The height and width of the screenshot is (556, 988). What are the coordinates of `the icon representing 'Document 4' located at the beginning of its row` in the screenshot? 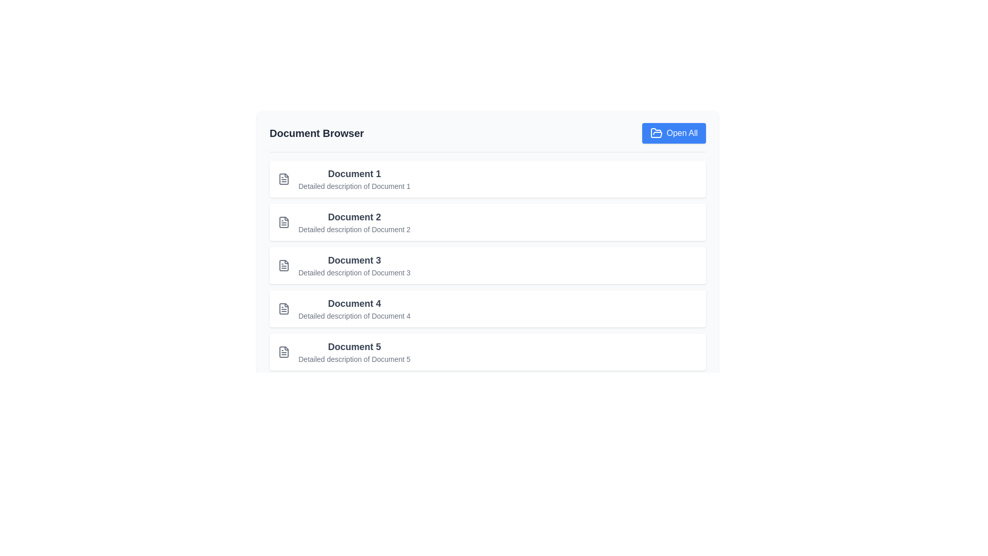 It's located at (284, 308).